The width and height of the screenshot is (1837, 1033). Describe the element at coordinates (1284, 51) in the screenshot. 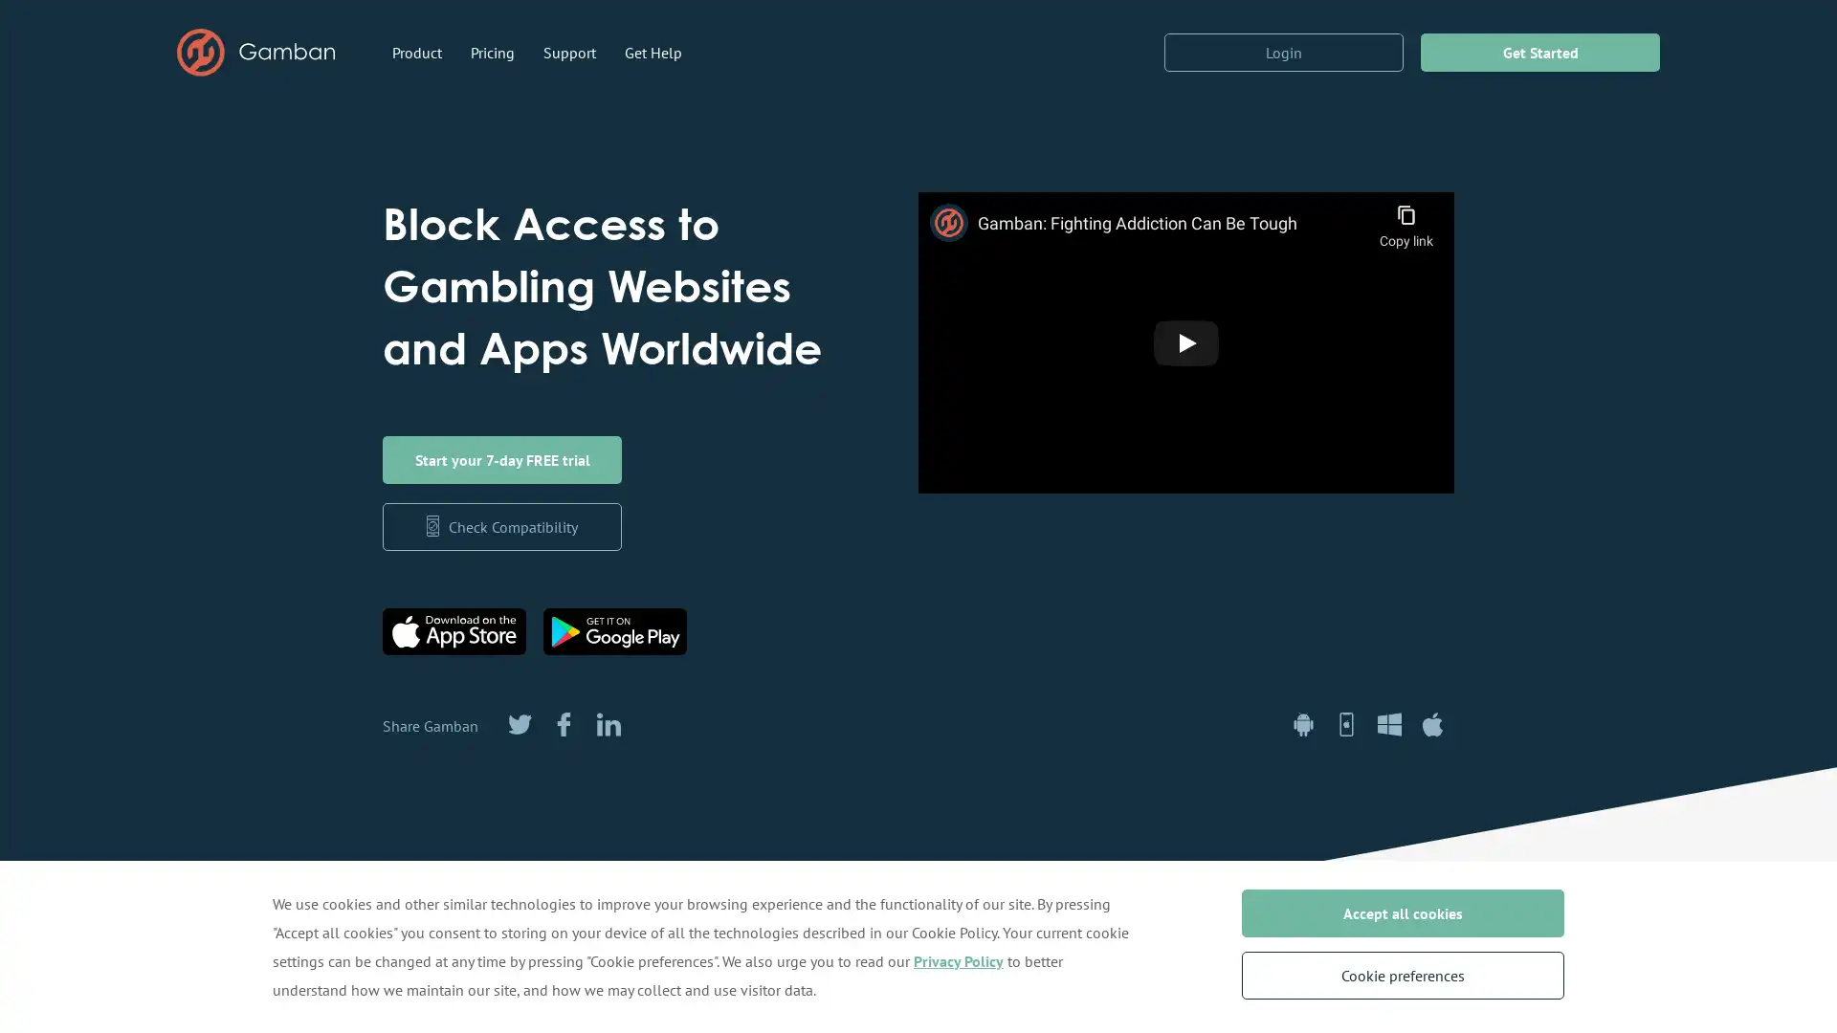

I see `Login` at that location.